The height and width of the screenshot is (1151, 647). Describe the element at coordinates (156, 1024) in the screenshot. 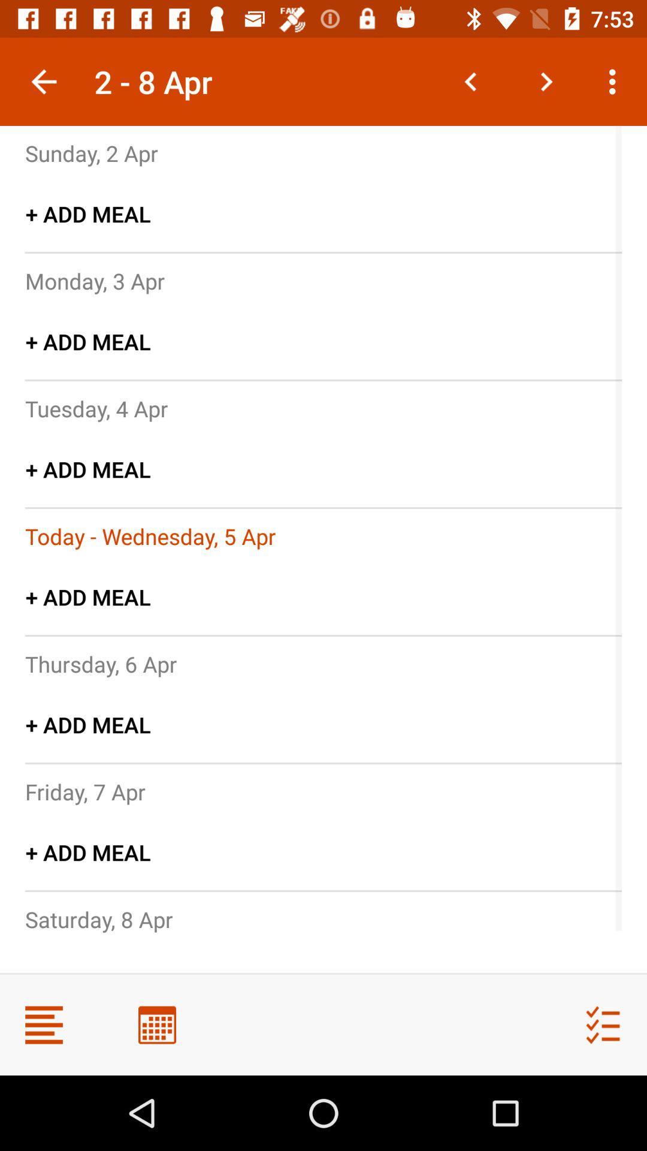

I see `opens calendar` at that location.